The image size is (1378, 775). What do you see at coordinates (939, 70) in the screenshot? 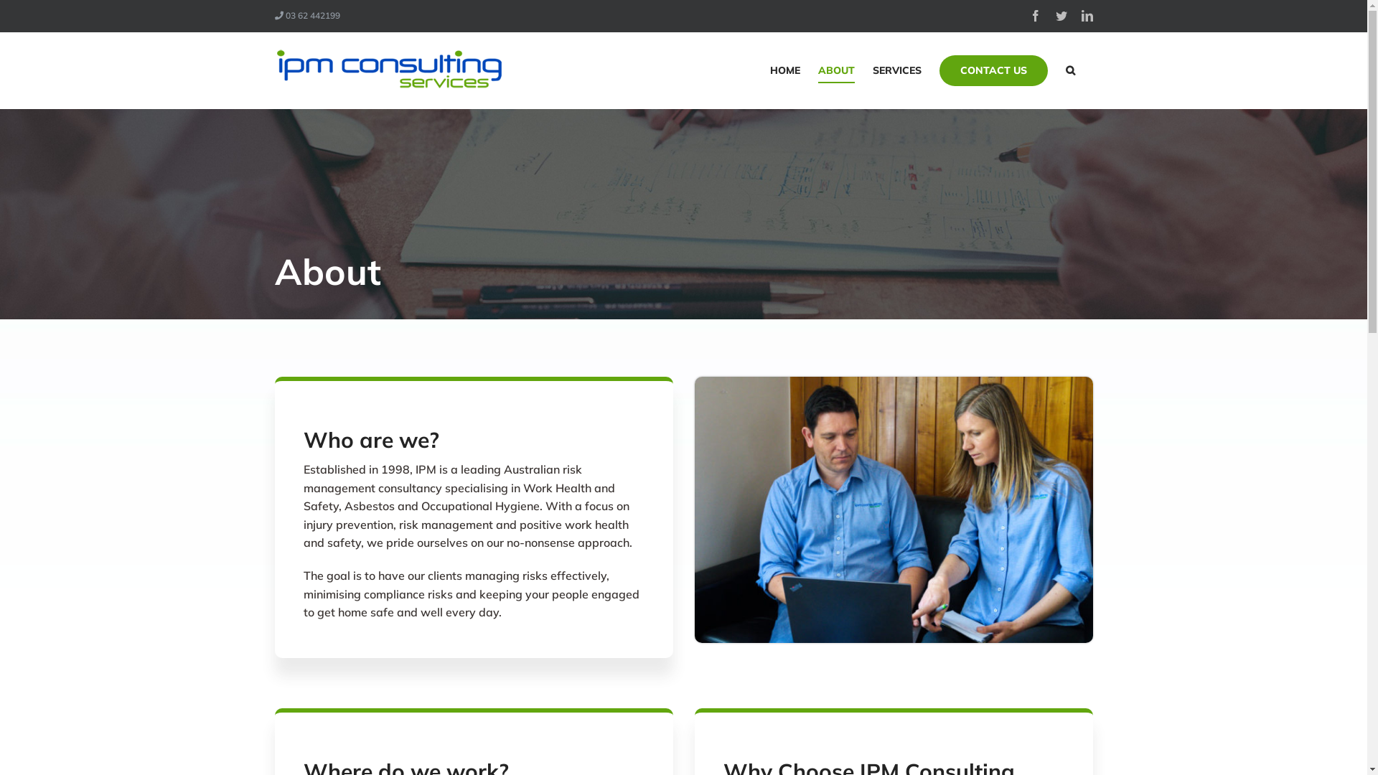
I see `'CONTACT US'` at bounding box center [939, 70].